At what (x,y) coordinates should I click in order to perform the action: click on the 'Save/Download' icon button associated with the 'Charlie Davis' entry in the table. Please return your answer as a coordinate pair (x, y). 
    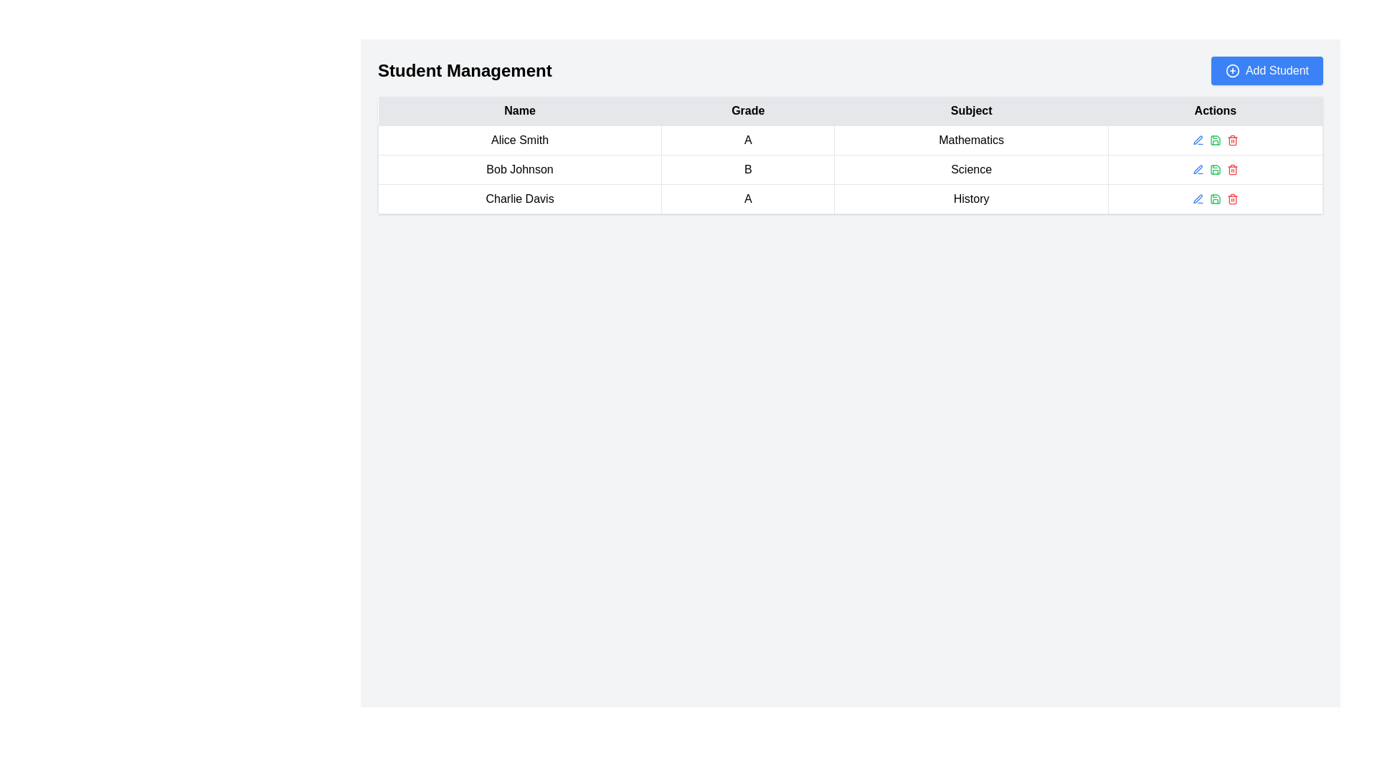
    Looking at the image, I should click on (1214, 140).